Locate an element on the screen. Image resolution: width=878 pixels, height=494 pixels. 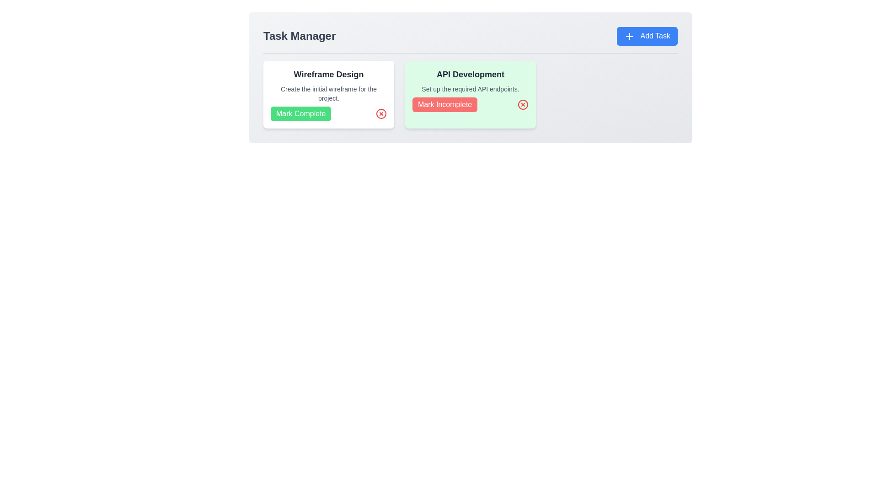
the SVG icon of a plus symbol located to the left of the 'Add Task' text is located at coordinates (629, 36).